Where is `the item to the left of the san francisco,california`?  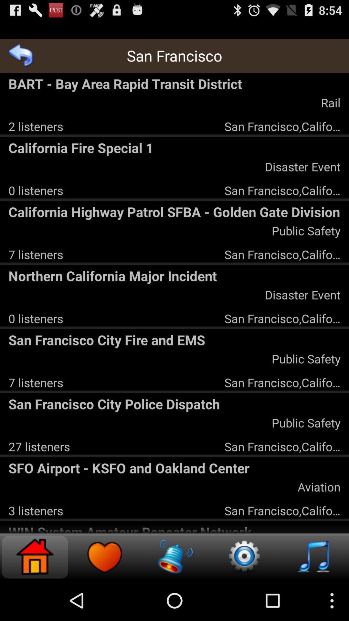
the item to the left of the san francisco,california is located at coordinates (39, 446).